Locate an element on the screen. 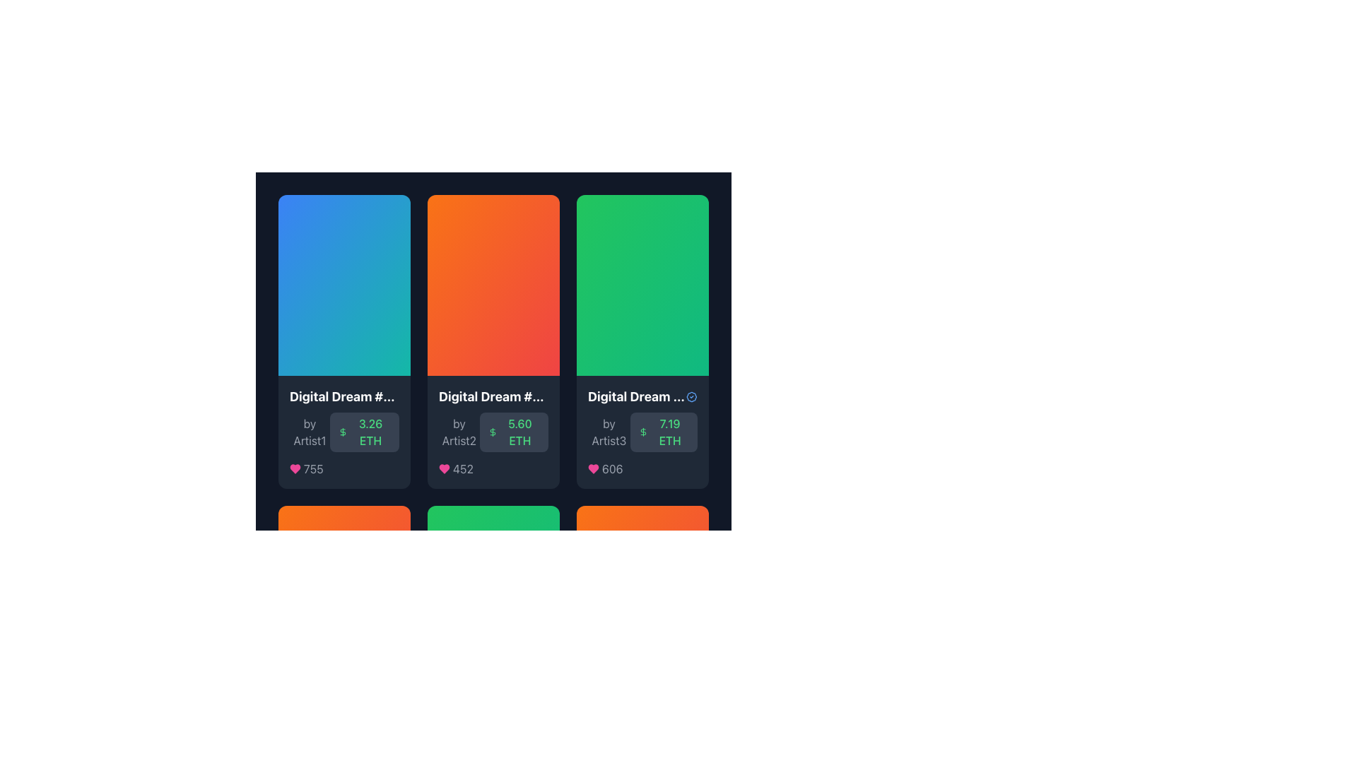  the second card in the top row of the grid layout is located at coordinates (493, 341).